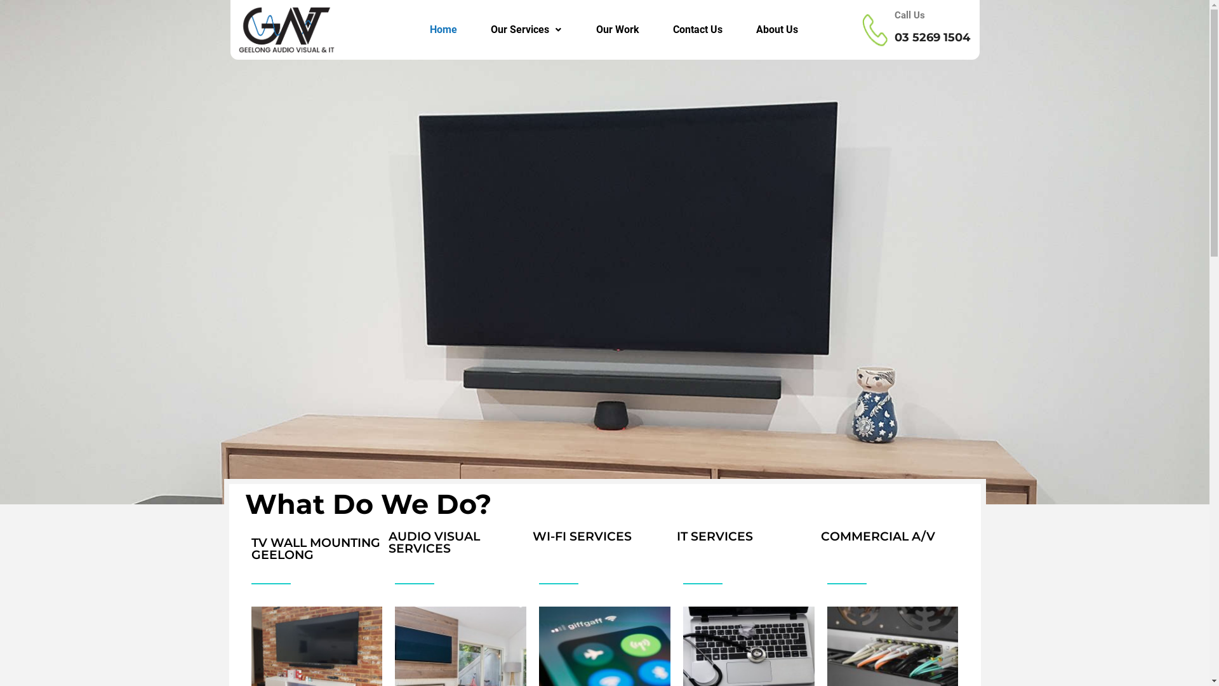 The height and width of the screenshot is (686, 1219). What do you see at coordinates (316, 548) in the screenshot?
I see `'TV WALL MOUNTING GEELONG'` at bounding box center [316, 548].